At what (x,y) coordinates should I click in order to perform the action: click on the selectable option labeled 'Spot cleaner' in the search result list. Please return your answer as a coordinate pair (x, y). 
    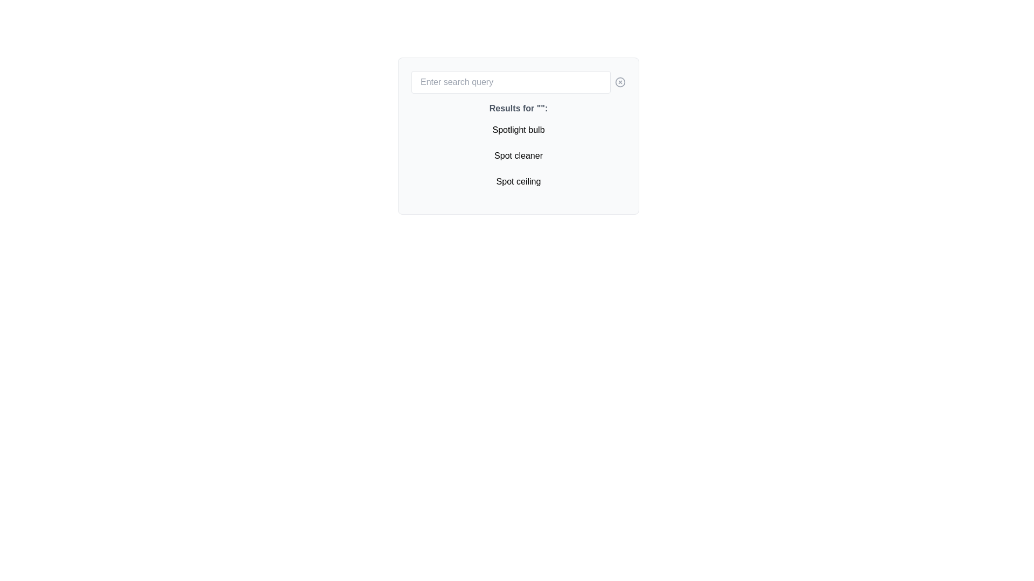
    Looking at the image, I should click on (519, 155).